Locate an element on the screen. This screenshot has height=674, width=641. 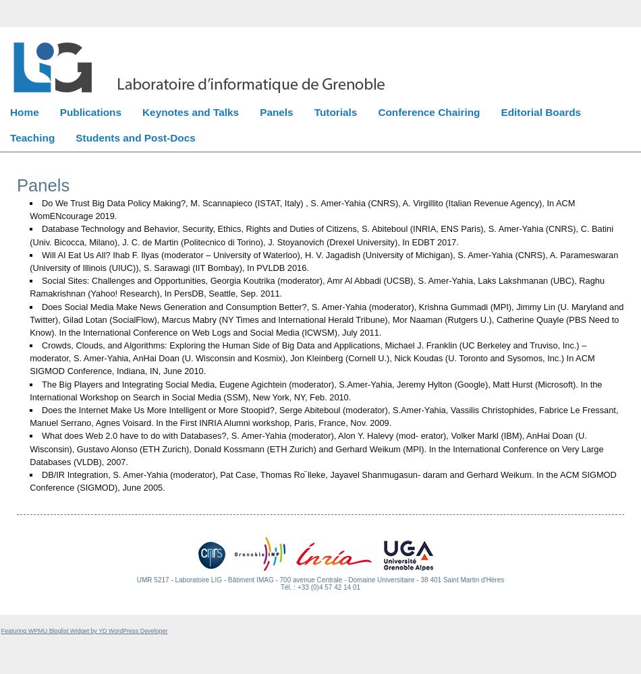
'Do We Trust Big Data Policy Making?, M. Scannapieco (ISTAT, Italy) , S. Amer-Yahia (CNRS), A. Virgillito (Italian Revenue Agency), In ACM WomENcourage 2019.' is located at coordinates (302, 210).